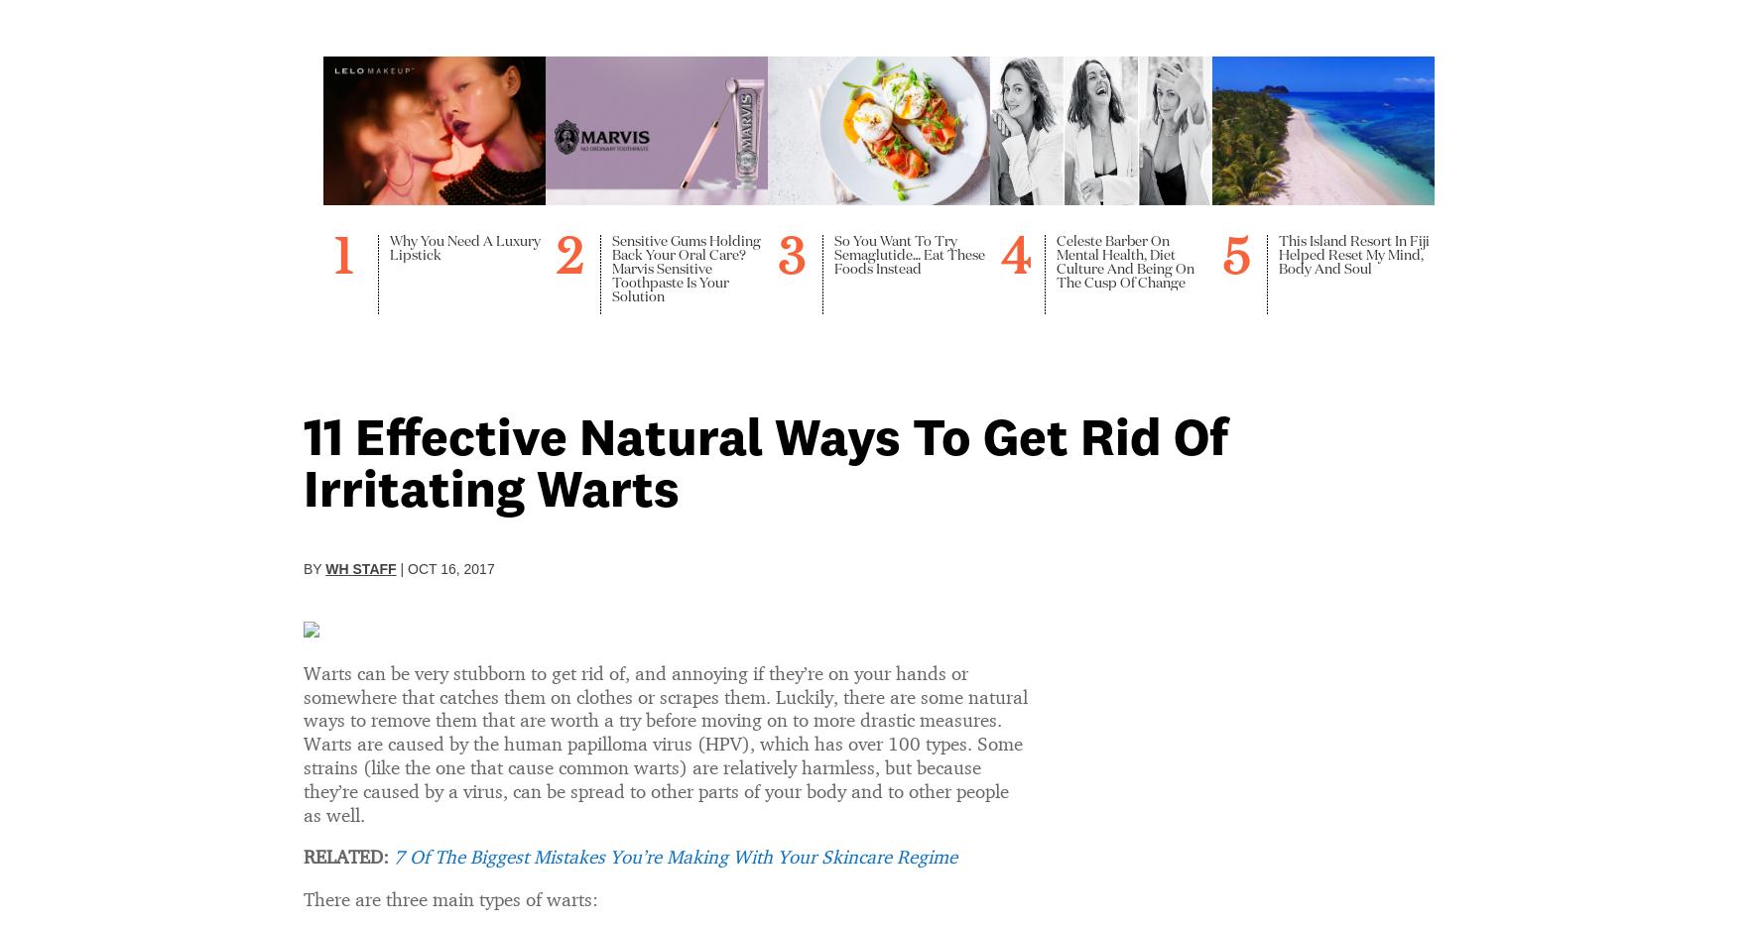  I want to click on '1', so click(334, 232).